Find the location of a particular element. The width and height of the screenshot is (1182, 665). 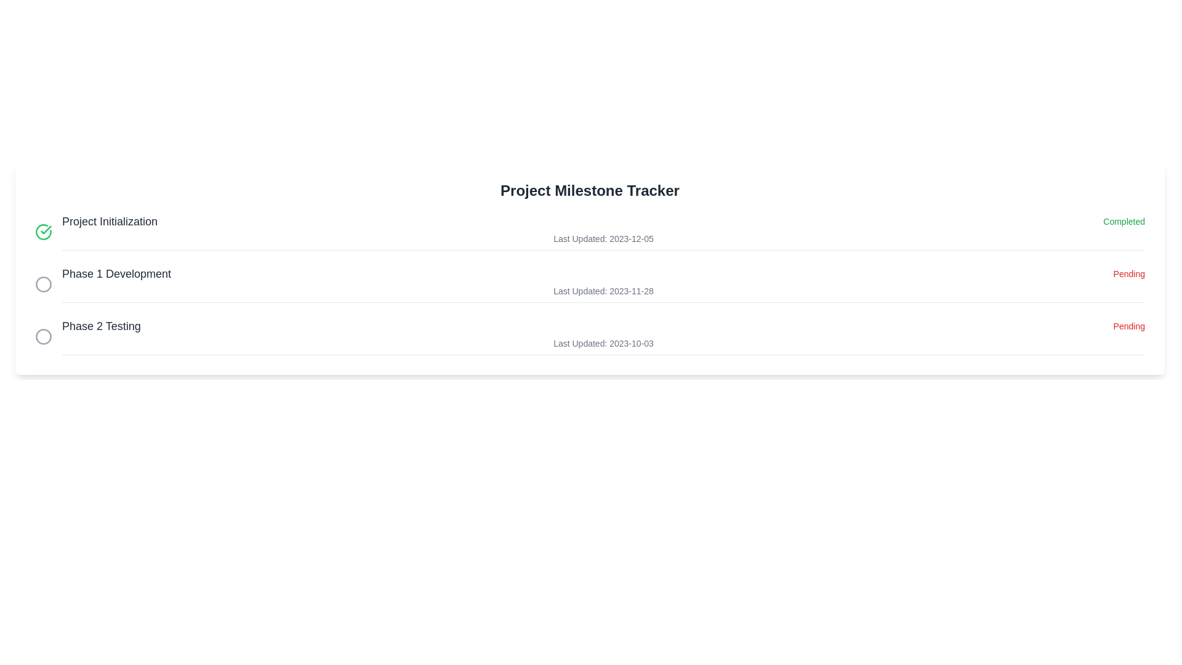

the milestone display element indicating the current status of 'Phase 1 Development' within the 'Project Milestone Tracker' is located at coordinates (603, 273).